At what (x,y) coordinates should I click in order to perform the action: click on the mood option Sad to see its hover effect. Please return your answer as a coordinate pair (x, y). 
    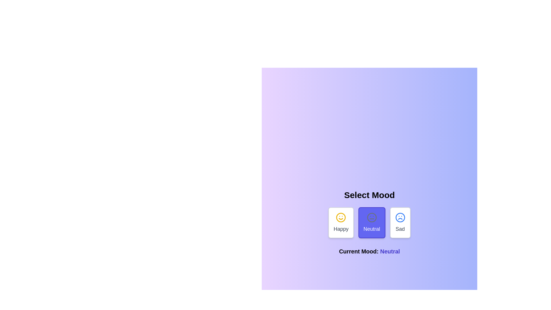
    Looking at the image, I should click on (399, 222).